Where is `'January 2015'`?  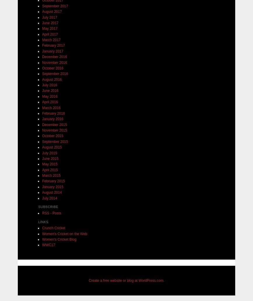 'January 2015' is located at coordinates (53, 187).